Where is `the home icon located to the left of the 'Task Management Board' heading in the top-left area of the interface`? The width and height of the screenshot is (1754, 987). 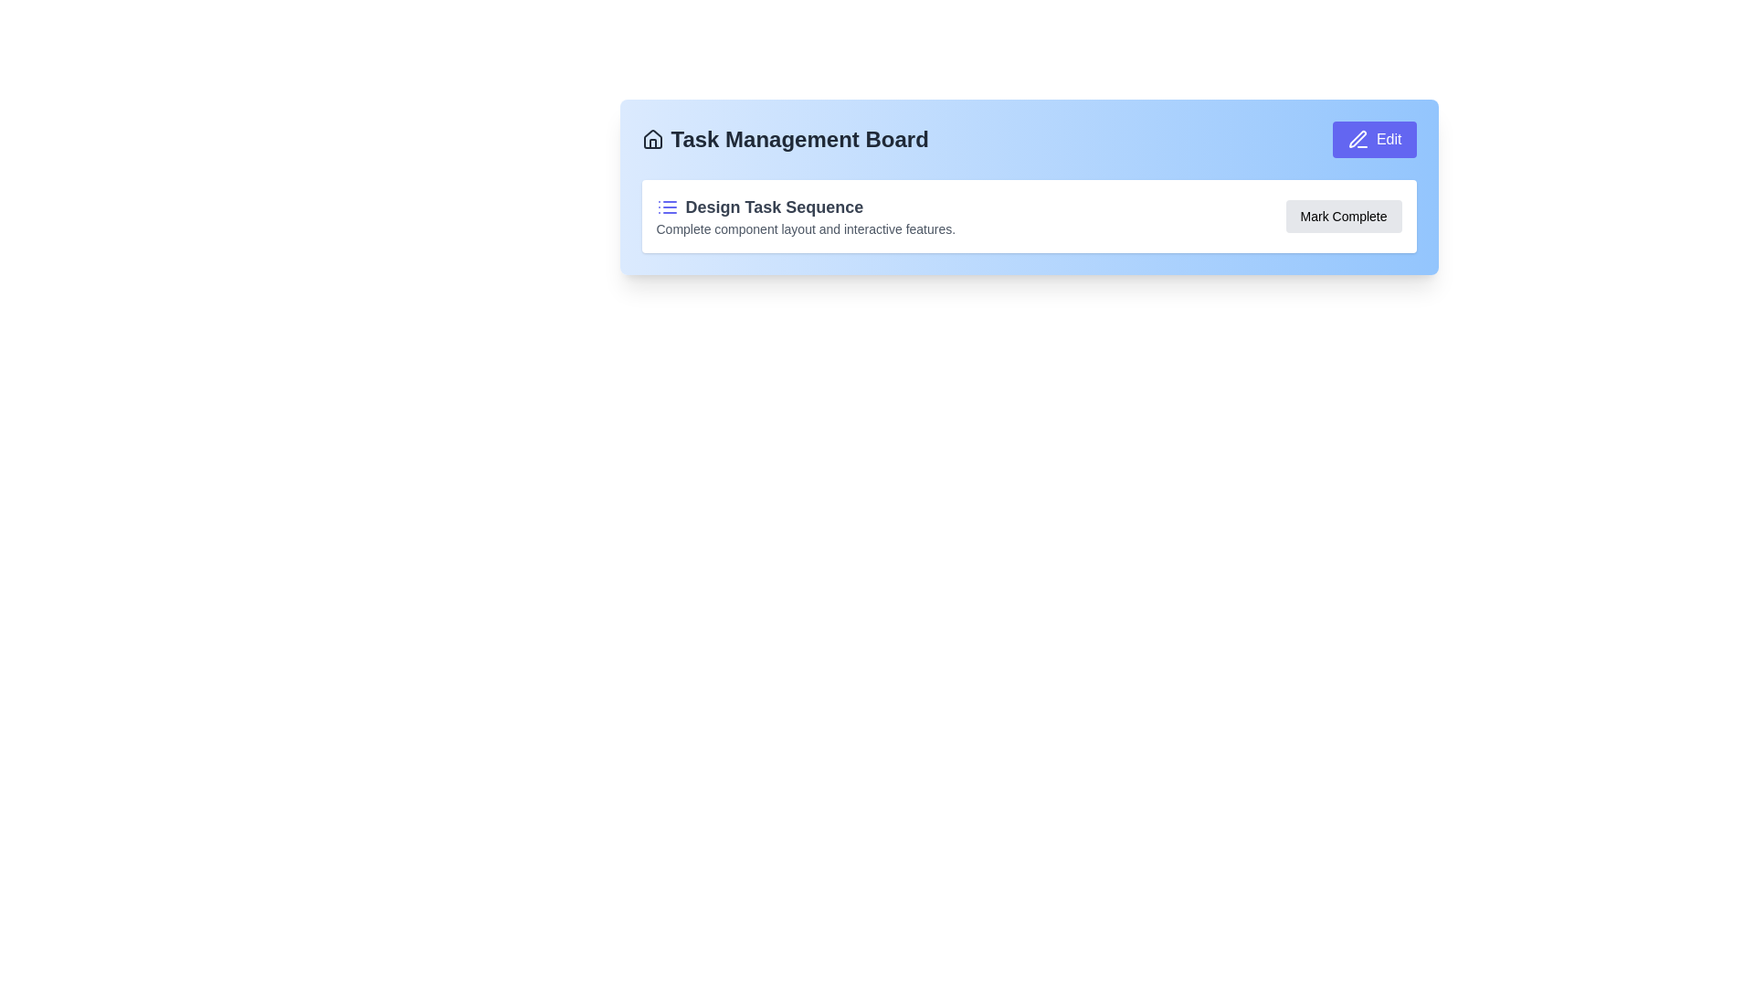
the home icon located to the left of the 'Task Management Board' heading in the top-left area of the interface is located at coordinates (652, 139).